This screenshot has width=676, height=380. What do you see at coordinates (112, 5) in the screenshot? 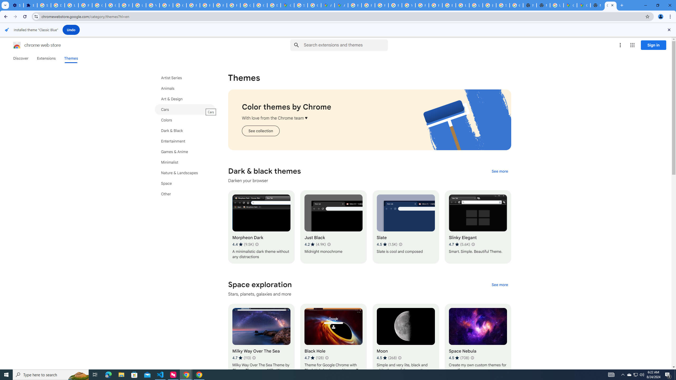
I see `'Google Account Help'` at bounding box center [112, 5].